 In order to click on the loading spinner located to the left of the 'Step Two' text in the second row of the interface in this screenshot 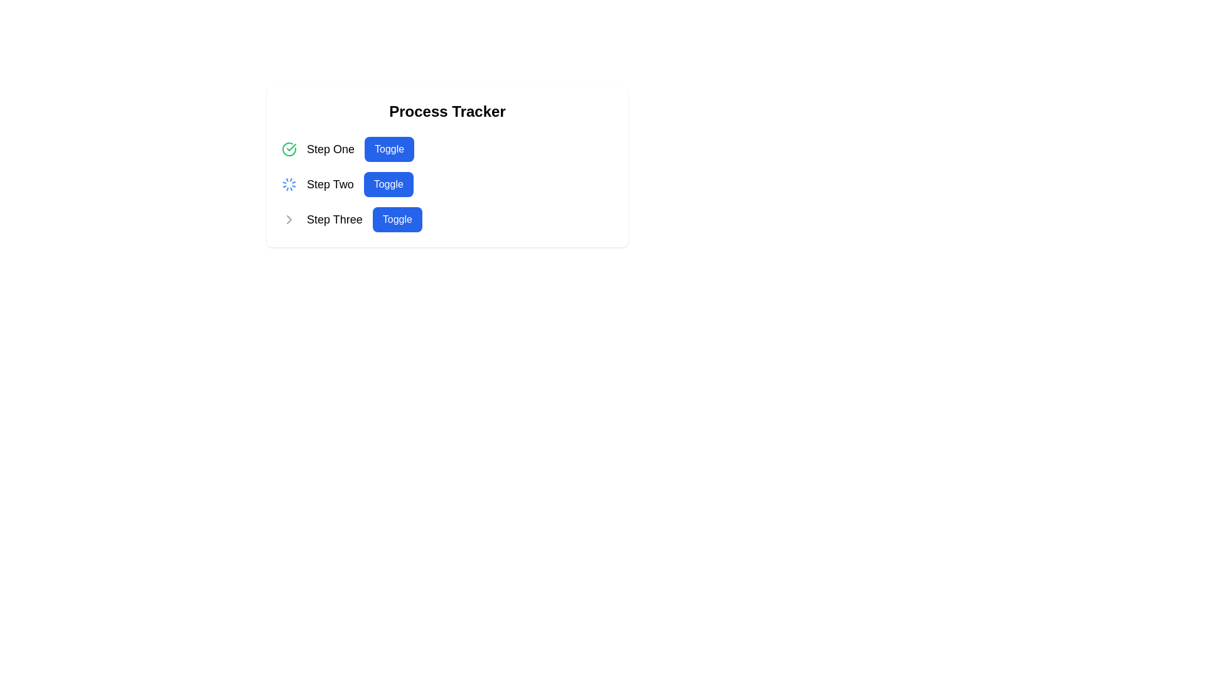, I will do `click(288, 184)`.